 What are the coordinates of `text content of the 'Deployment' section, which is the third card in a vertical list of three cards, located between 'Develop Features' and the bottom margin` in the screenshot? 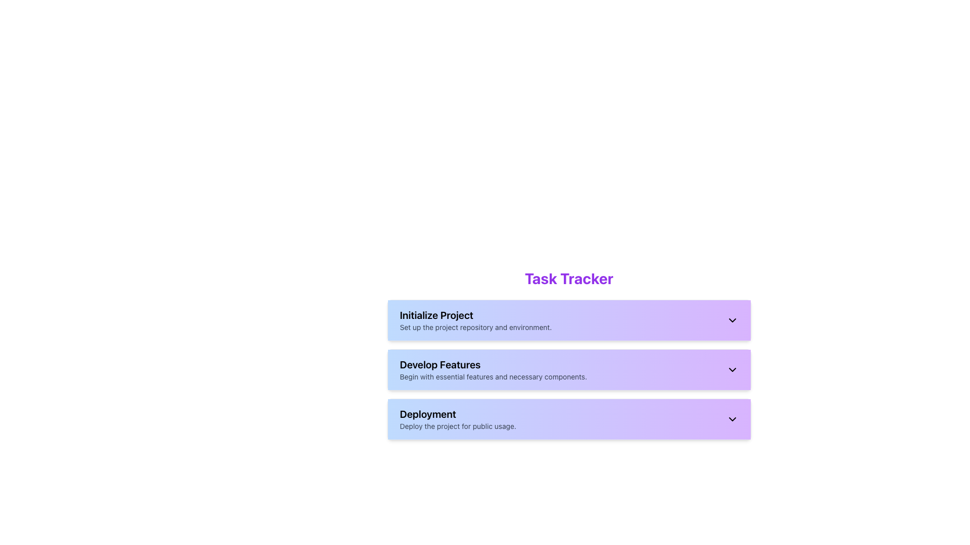 It's located at (457, 419).